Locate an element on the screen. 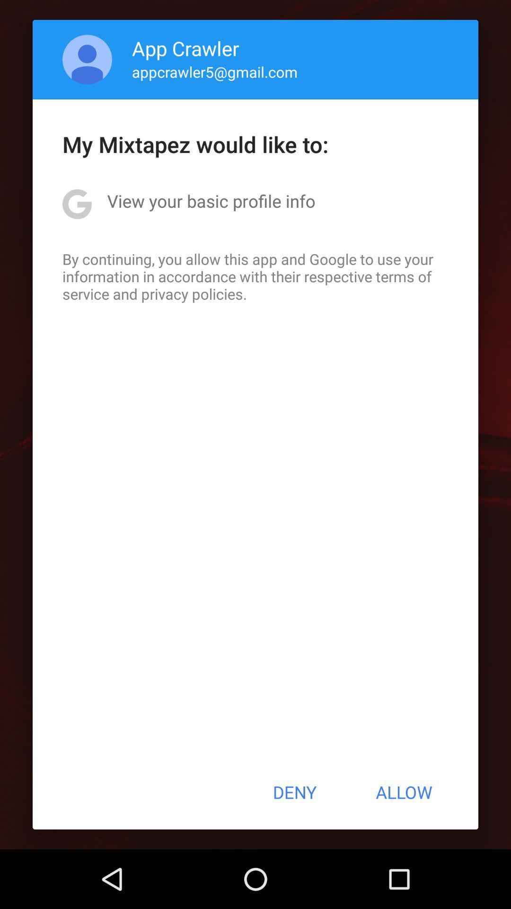 Image resolution: width=511 pixels, height=909 pixels. the item above appcrawler5@gmail.com is located at coordinates (185, 47).